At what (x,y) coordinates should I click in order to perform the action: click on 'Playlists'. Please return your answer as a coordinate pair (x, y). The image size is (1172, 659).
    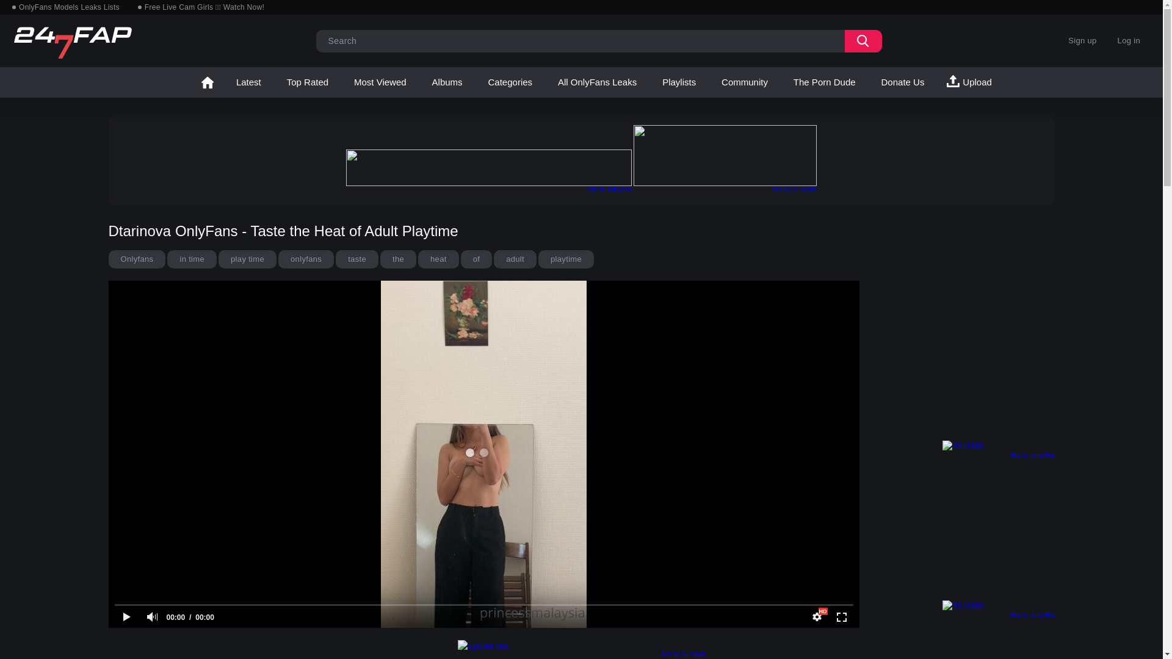
    Looking at the image, I should click on (678, 82).